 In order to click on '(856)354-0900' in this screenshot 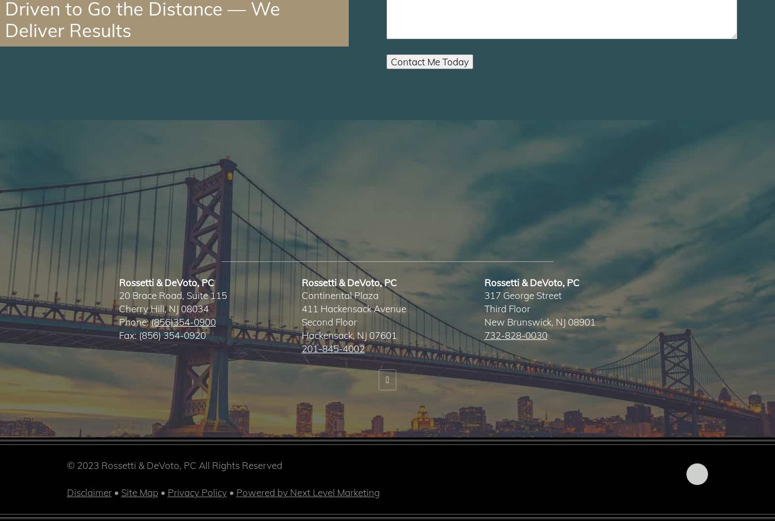, I will do `click(183, 321)`.